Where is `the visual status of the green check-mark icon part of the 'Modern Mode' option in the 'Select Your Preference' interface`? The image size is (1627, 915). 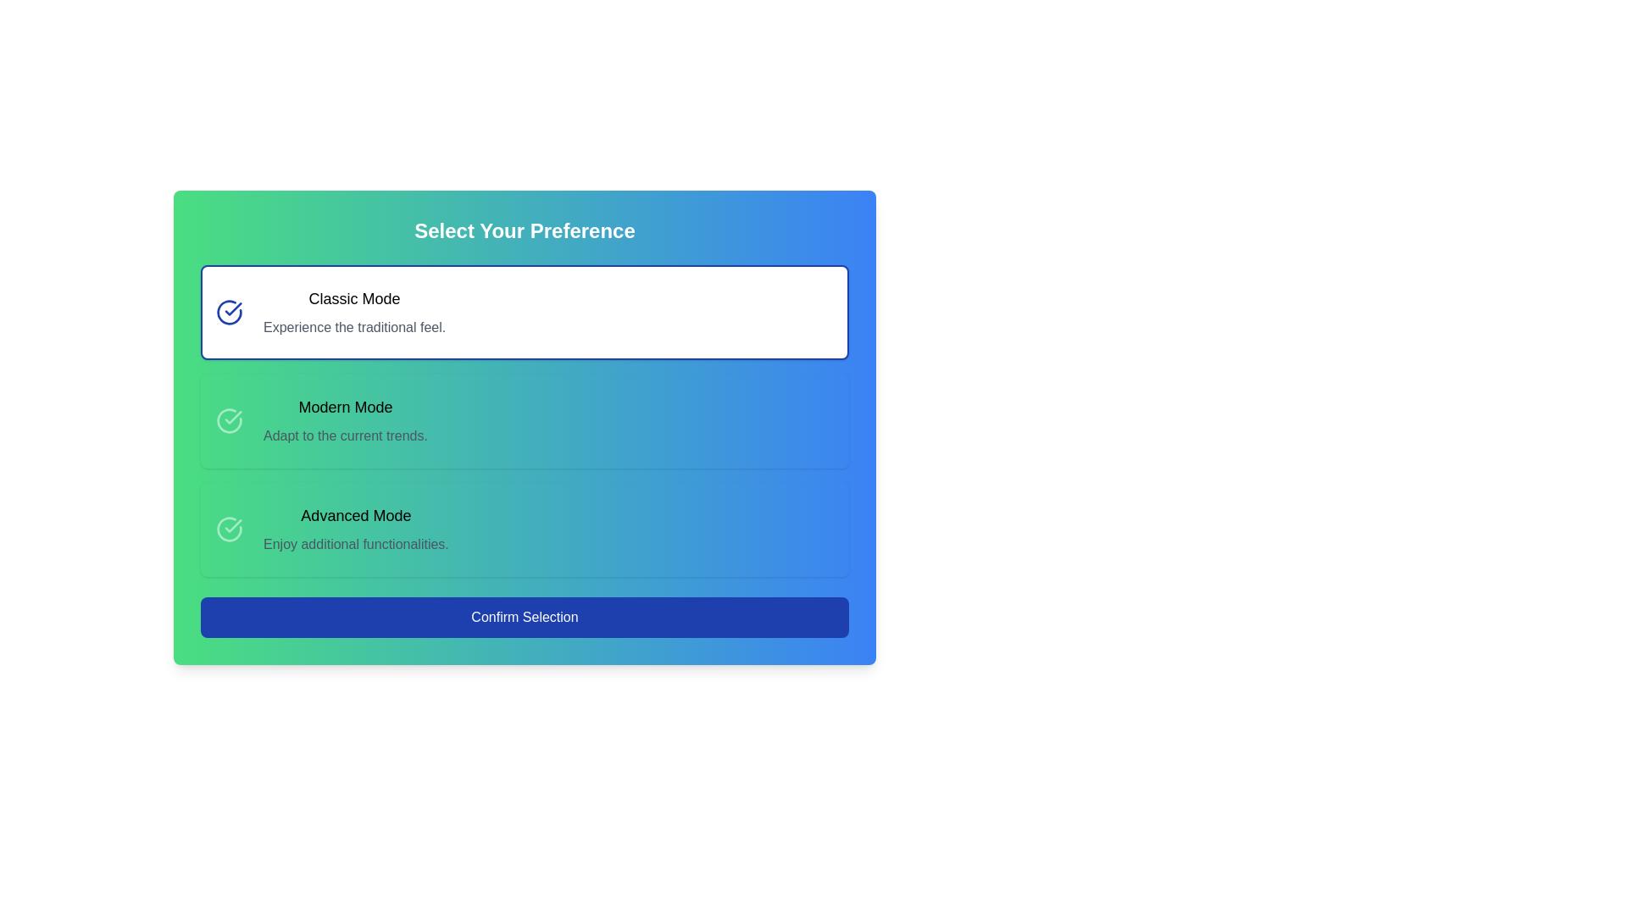 the visual status of the green check-mark icon part of the 'Modern Mode' option in the 'Select Your Preference' interface is located at coordinates (228, 420).